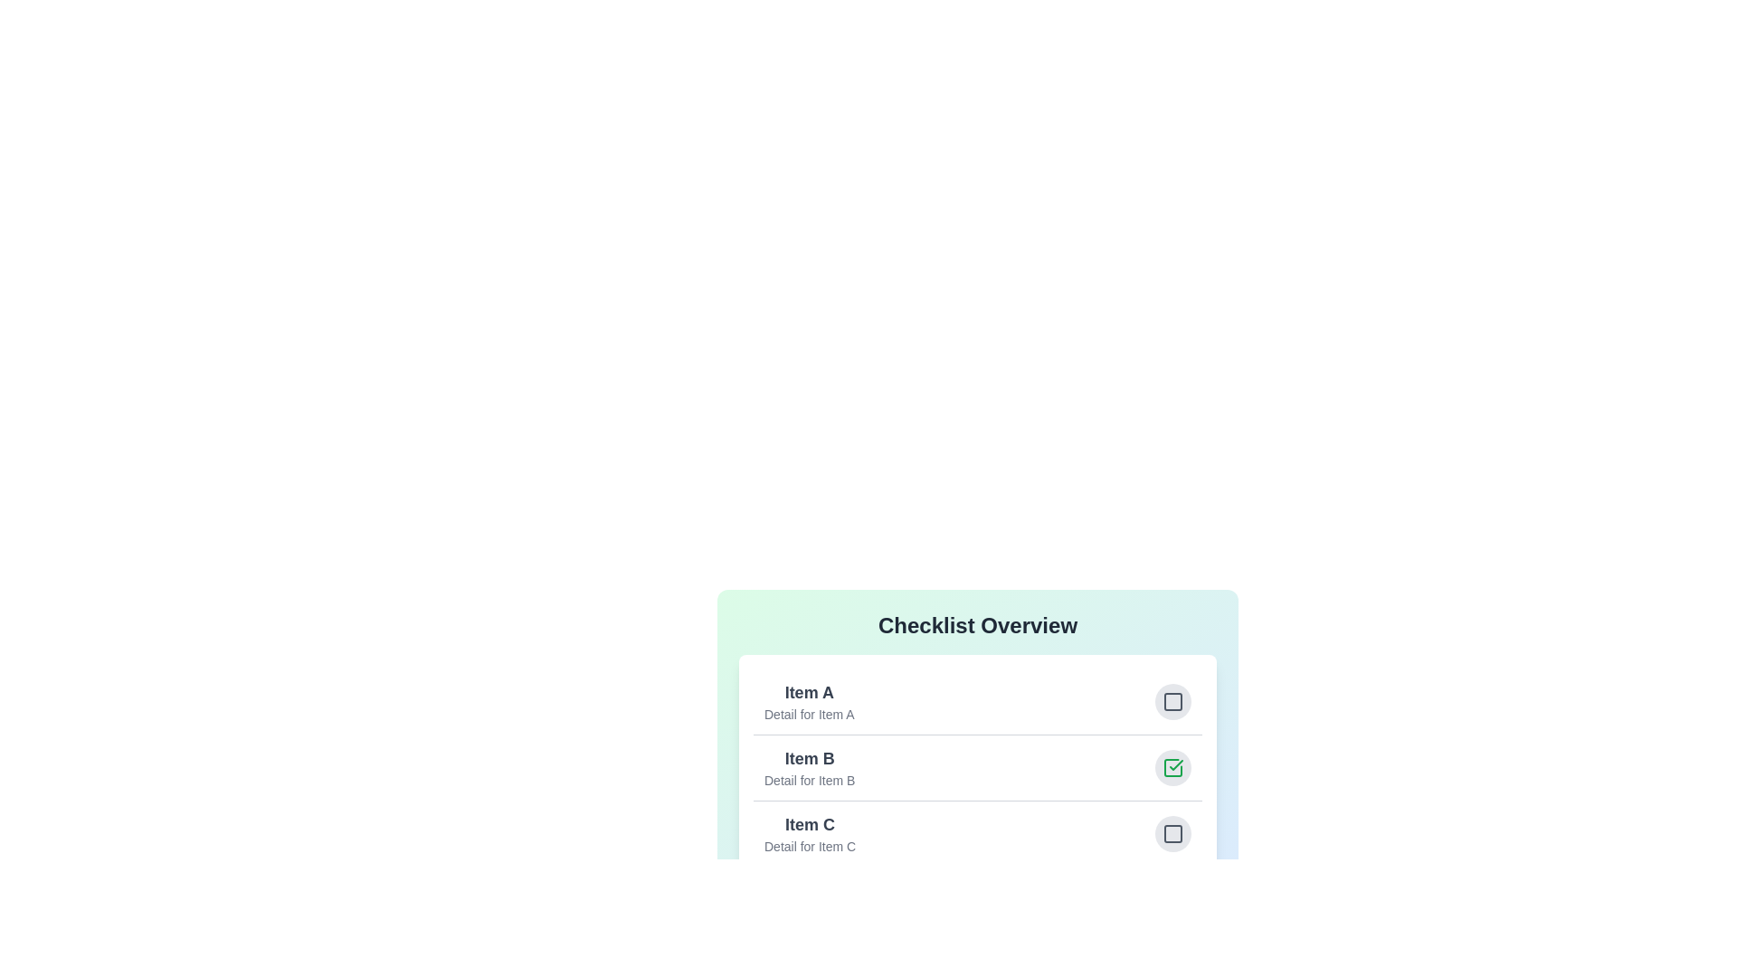 The width and height of the screenshot is (1737, 977). What do you see at coordinates (1172, 700) in the screenshot?
I see `the checkbox of the item with name Item A` at bounding box center [1172, 700].